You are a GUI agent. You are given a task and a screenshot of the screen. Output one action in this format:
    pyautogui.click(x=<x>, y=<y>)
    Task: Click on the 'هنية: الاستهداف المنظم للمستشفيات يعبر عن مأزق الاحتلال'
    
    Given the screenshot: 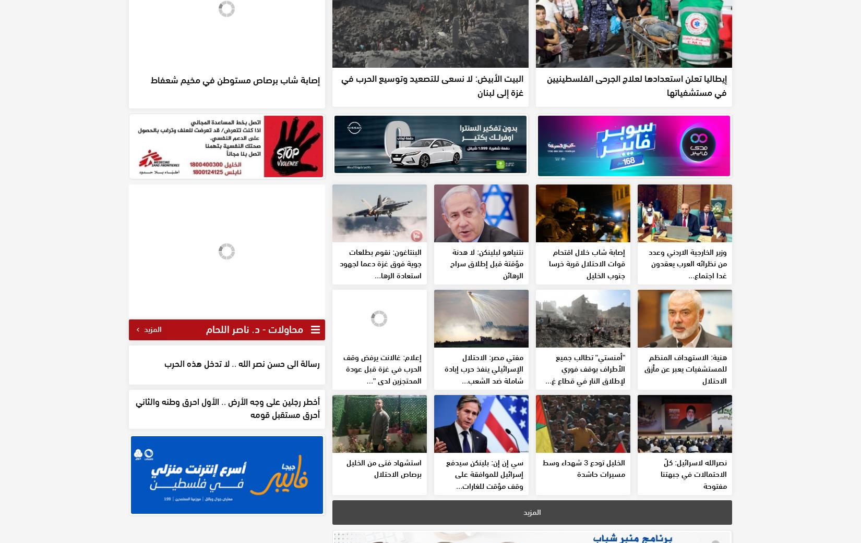 What is the action you would take?
    pyautogui.click(x=685, y=443)
    